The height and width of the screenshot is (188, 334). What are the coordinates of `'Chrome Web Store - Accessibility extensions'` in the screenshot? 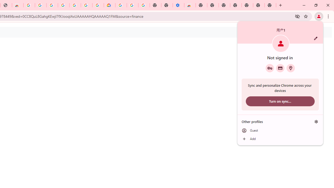 It's located at (190, 5).